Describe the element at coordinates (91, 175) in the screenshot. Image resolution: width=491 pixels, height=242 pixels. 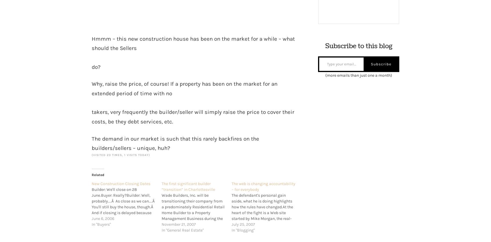
I see `'Related'` at that location.